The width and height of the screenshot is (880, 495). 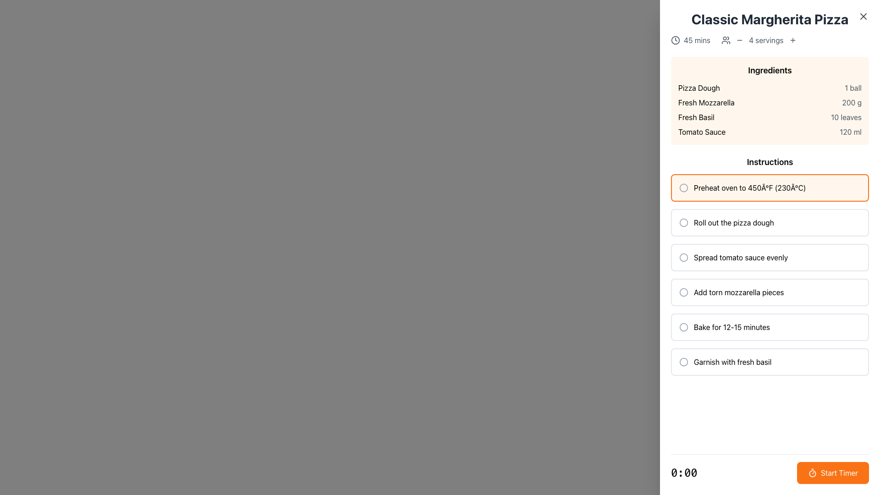 I want to click on the radio button in the first Step instruction block in the 'Instructions' section to mark the step as completed, so click(x=770, y=187).